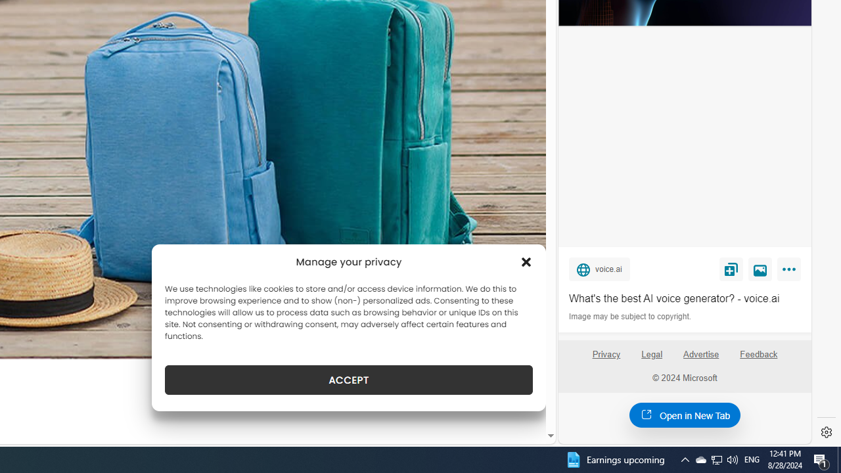  What do you see at coordinates (652, 359) in the screenshot?
I see `'Legal'` at bounding box center [652, 359].